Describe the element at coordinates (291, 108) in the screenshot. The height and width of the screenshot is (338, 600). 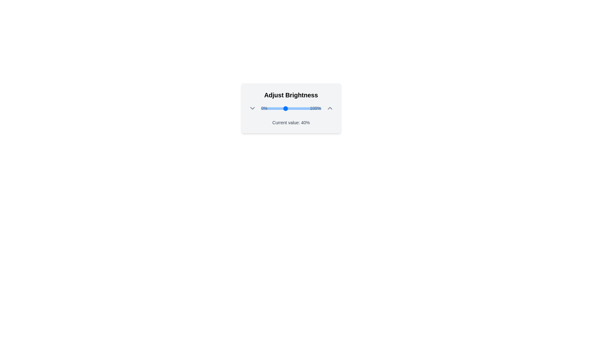
I see `the blue thumb of the horizontal range slider located between the labels '0%' and '100%'` at that location.